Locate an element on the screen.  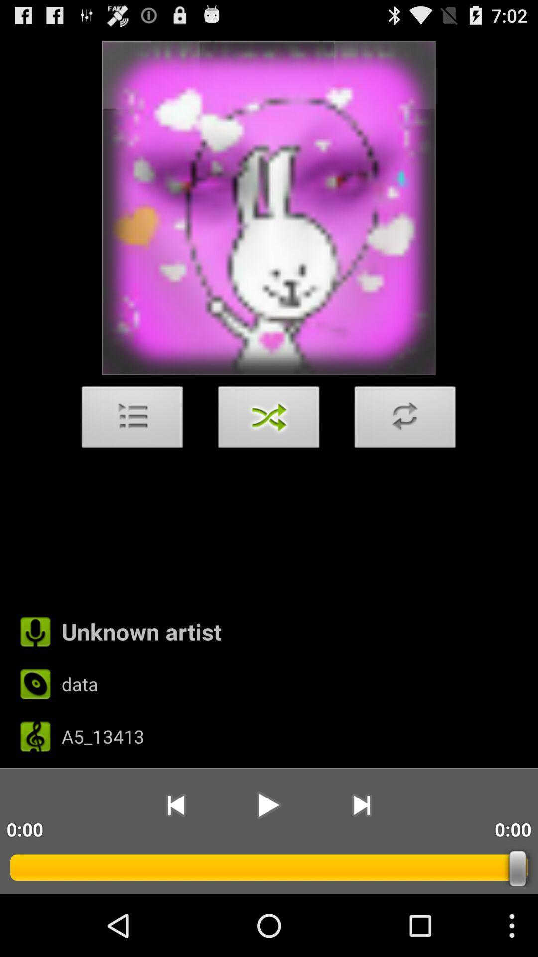
icon next to 0:00 is located at coordinates (362, 805).